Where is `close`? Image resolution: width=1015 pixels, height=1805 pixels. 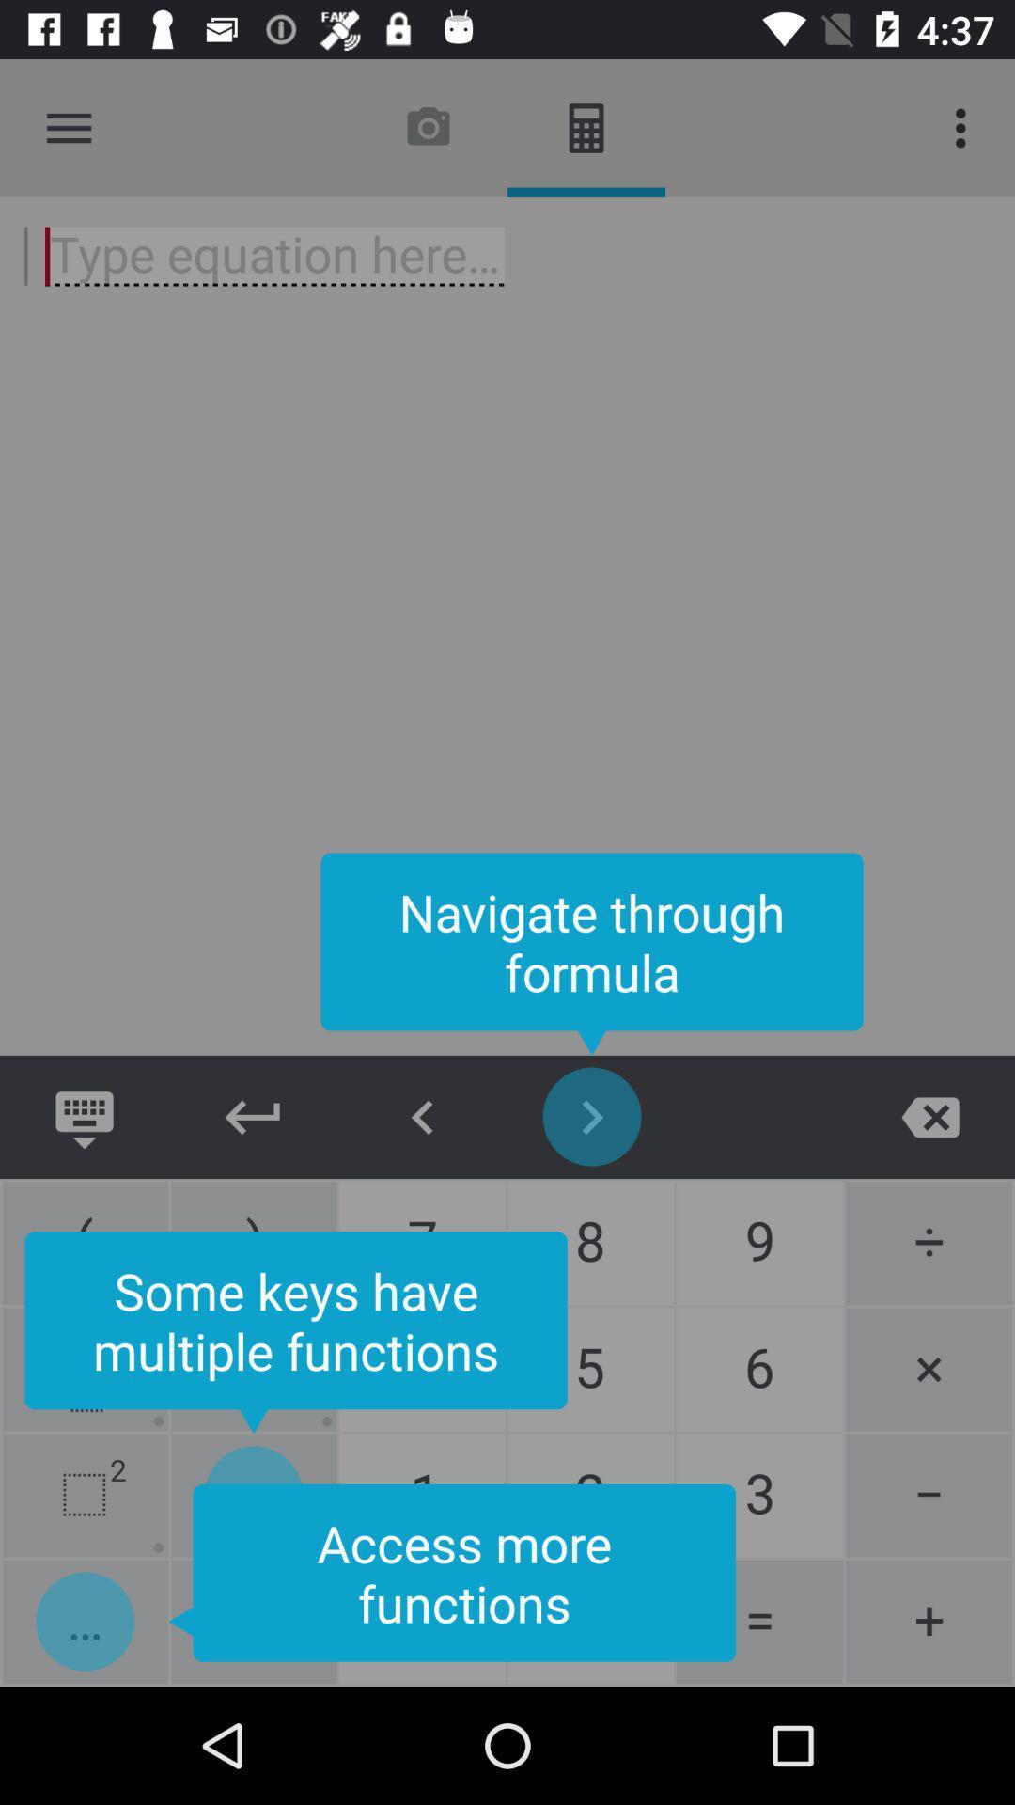
close is located at coordinates (930, 1117).